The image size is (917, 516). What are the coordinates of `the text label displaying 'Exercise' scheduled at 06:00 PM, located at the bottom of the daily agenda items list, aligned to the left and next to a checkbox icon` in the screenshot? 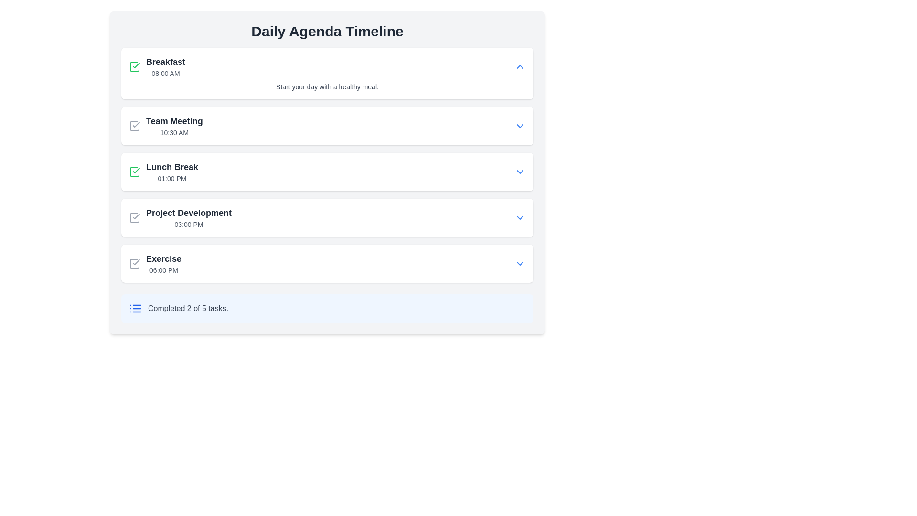 It's located at (164, 263).